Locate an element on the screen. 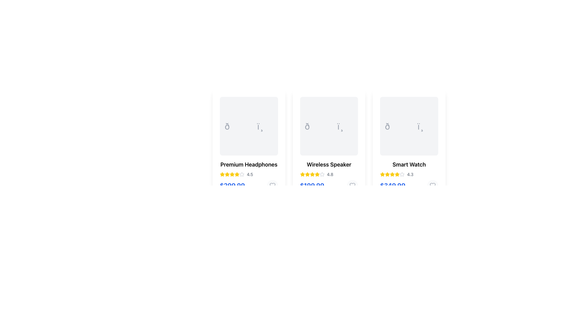 This screenshot has height=330, width=588. the fifth star icon in the rating system is located at coordinates (322, 174).